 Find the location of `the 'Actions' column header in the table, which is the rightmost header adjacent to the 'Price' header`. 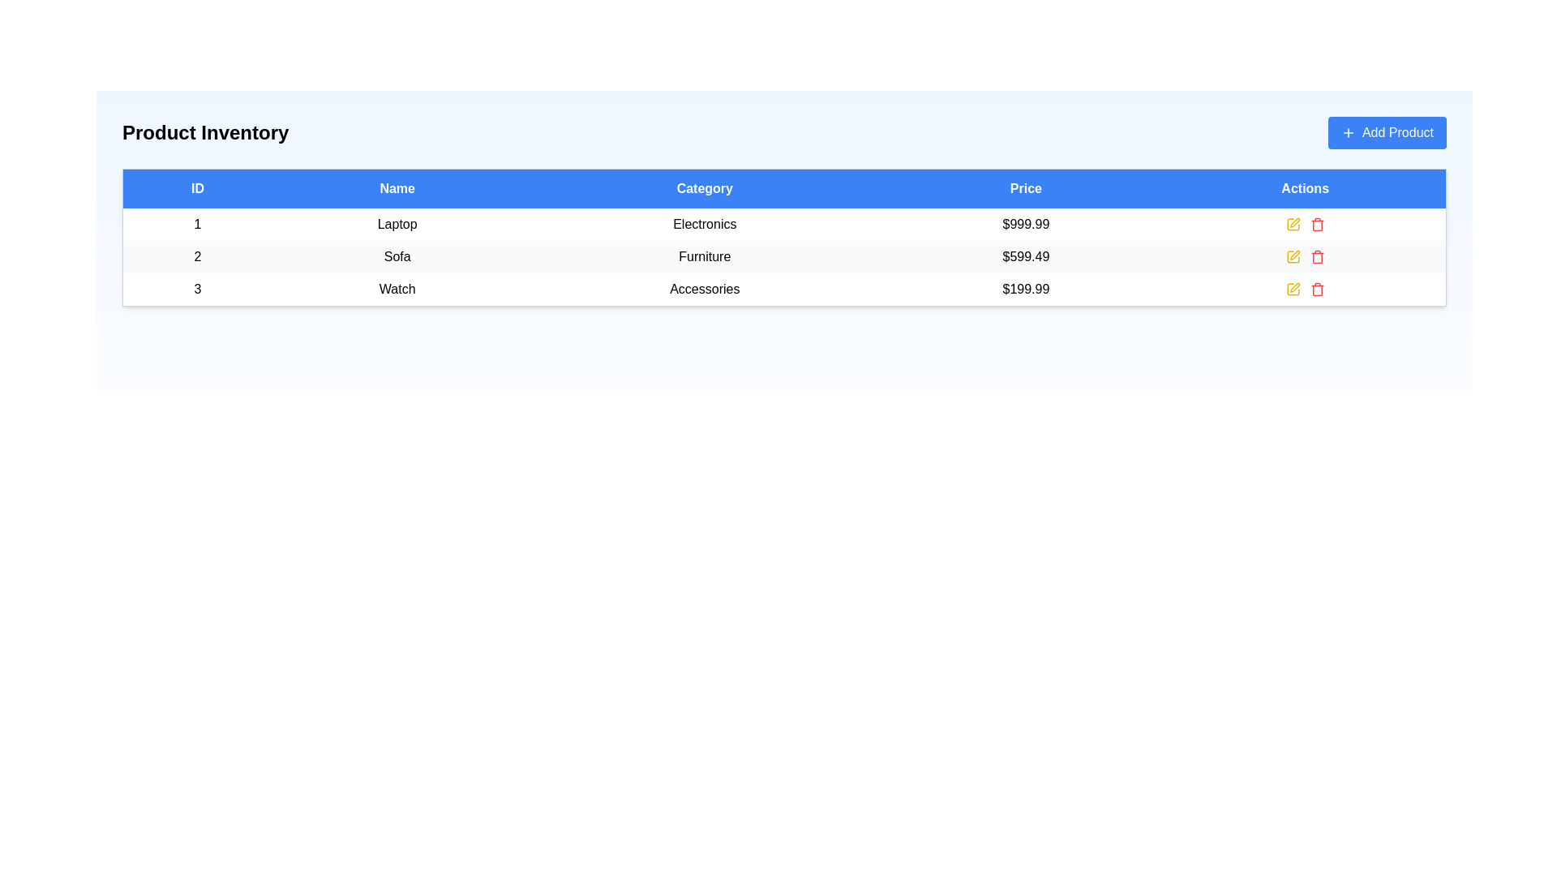

the 'Actions' column header in the table, which is the rightmost header adjacent to the 'Price' header is located at coordinates (1305, 187).